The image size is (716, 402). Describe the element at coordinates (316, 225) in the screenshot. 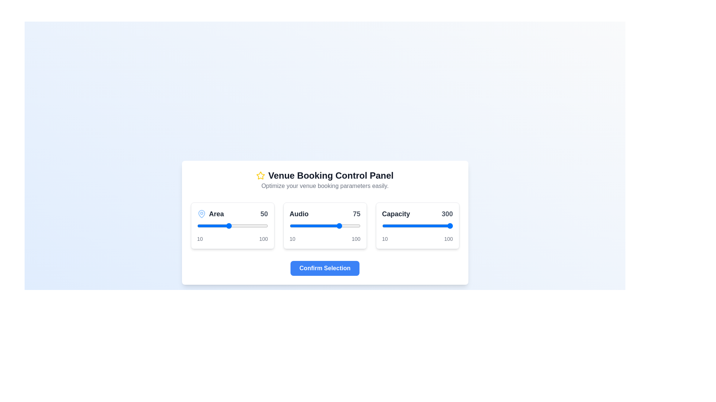

I see `the audio level` at that location.